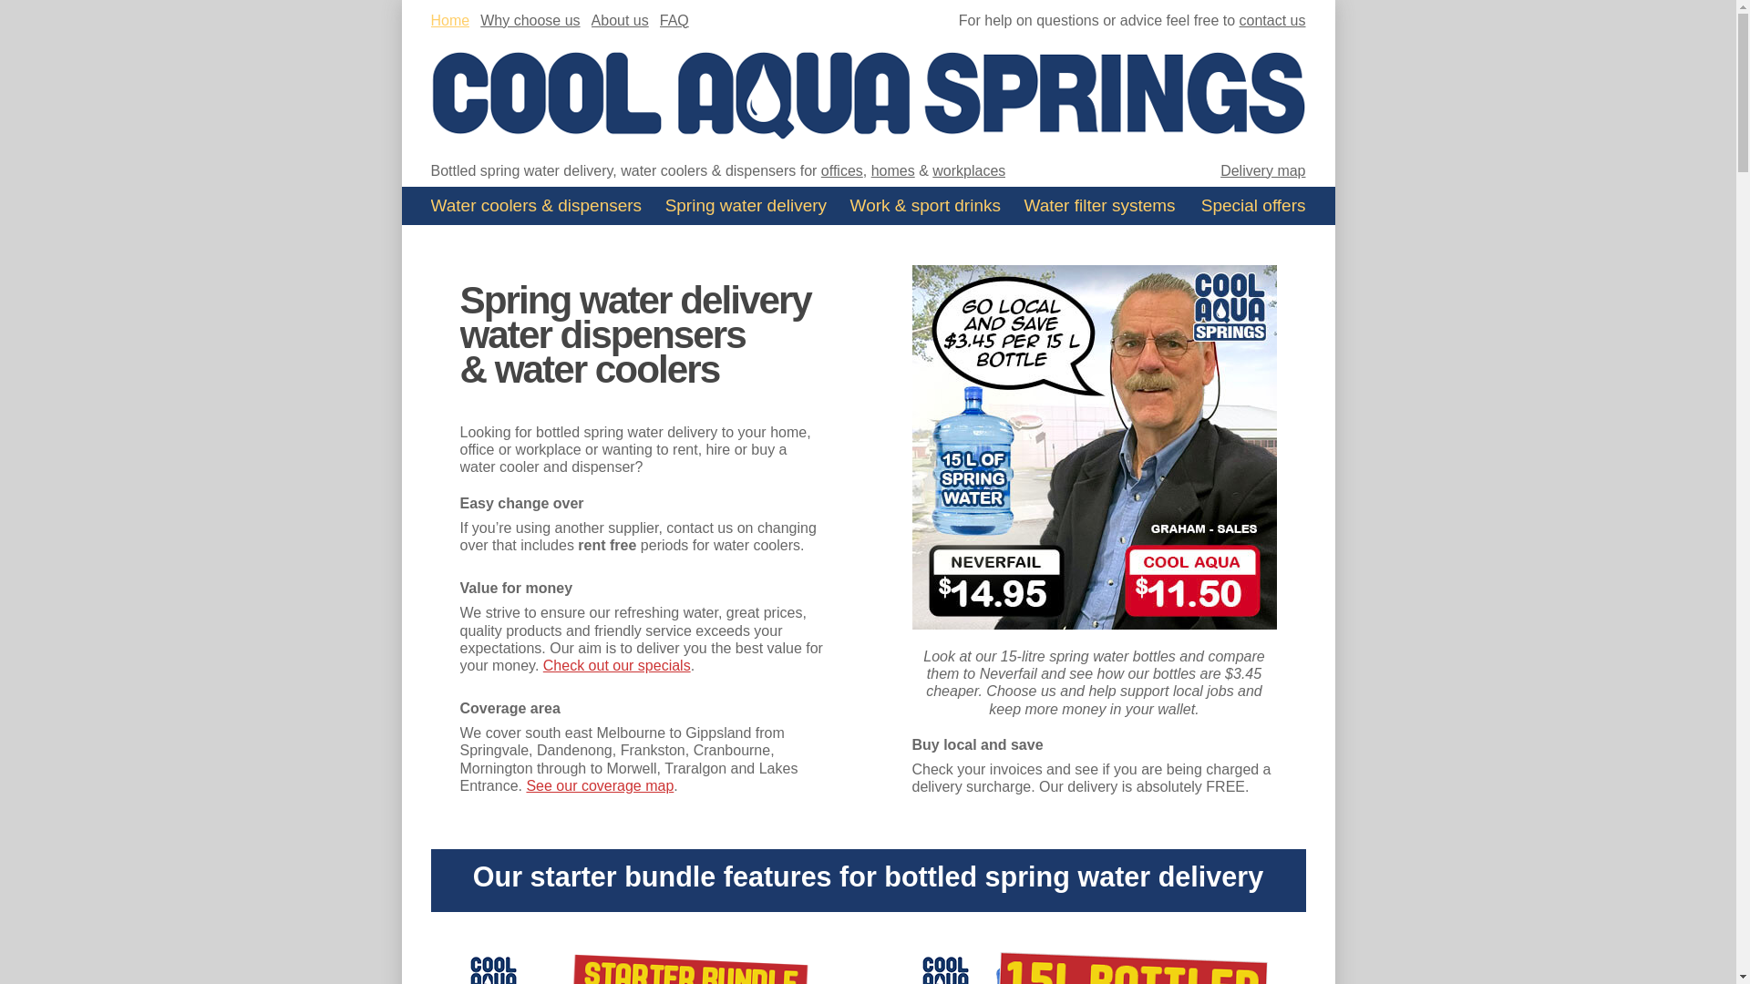 The image size is (1750, 984). I want to click on 'Water coolers', so click(534, 205).